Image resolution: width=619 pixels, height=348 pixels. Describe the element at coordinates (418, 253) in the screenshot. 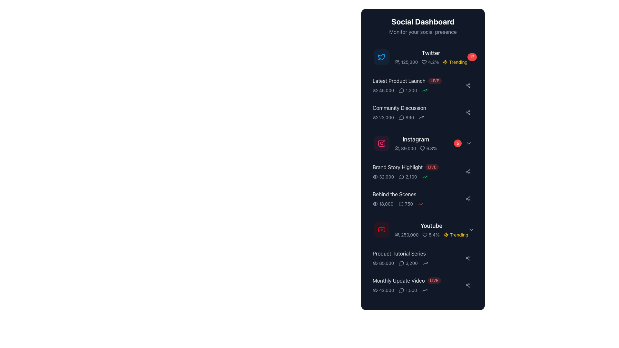

I see `the text label displaying 'Product Tutorial Series' which is aligned to the left in light gray color on a dark background` at that location.